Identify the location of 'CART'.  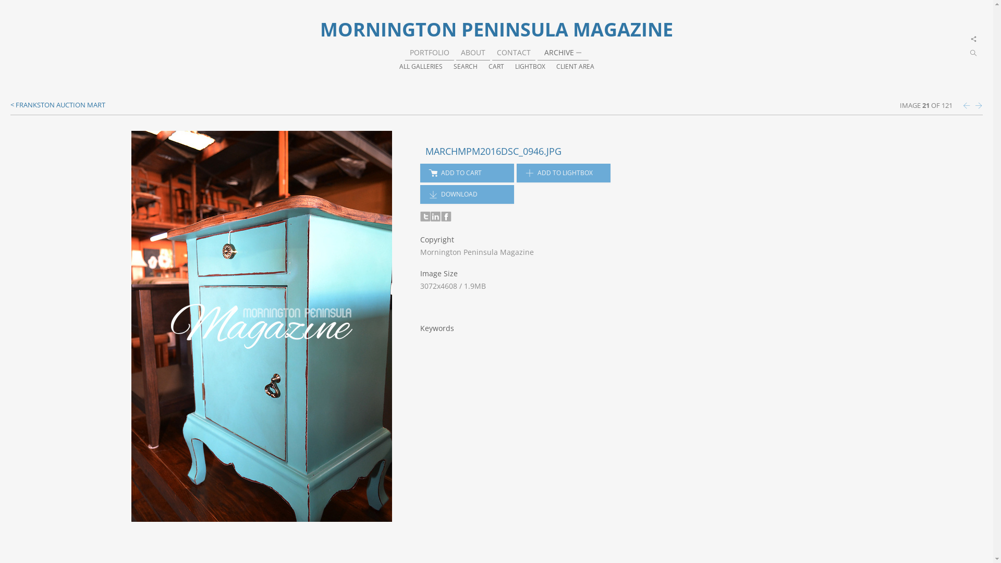
(495, 66).